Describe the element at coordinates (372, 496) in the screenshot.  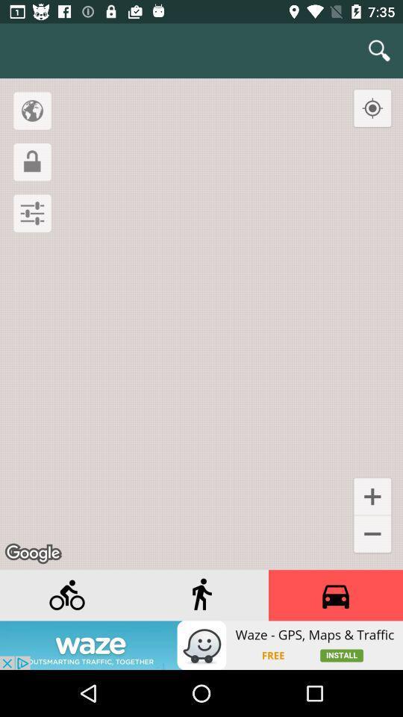
I see `the add icon` at that location.